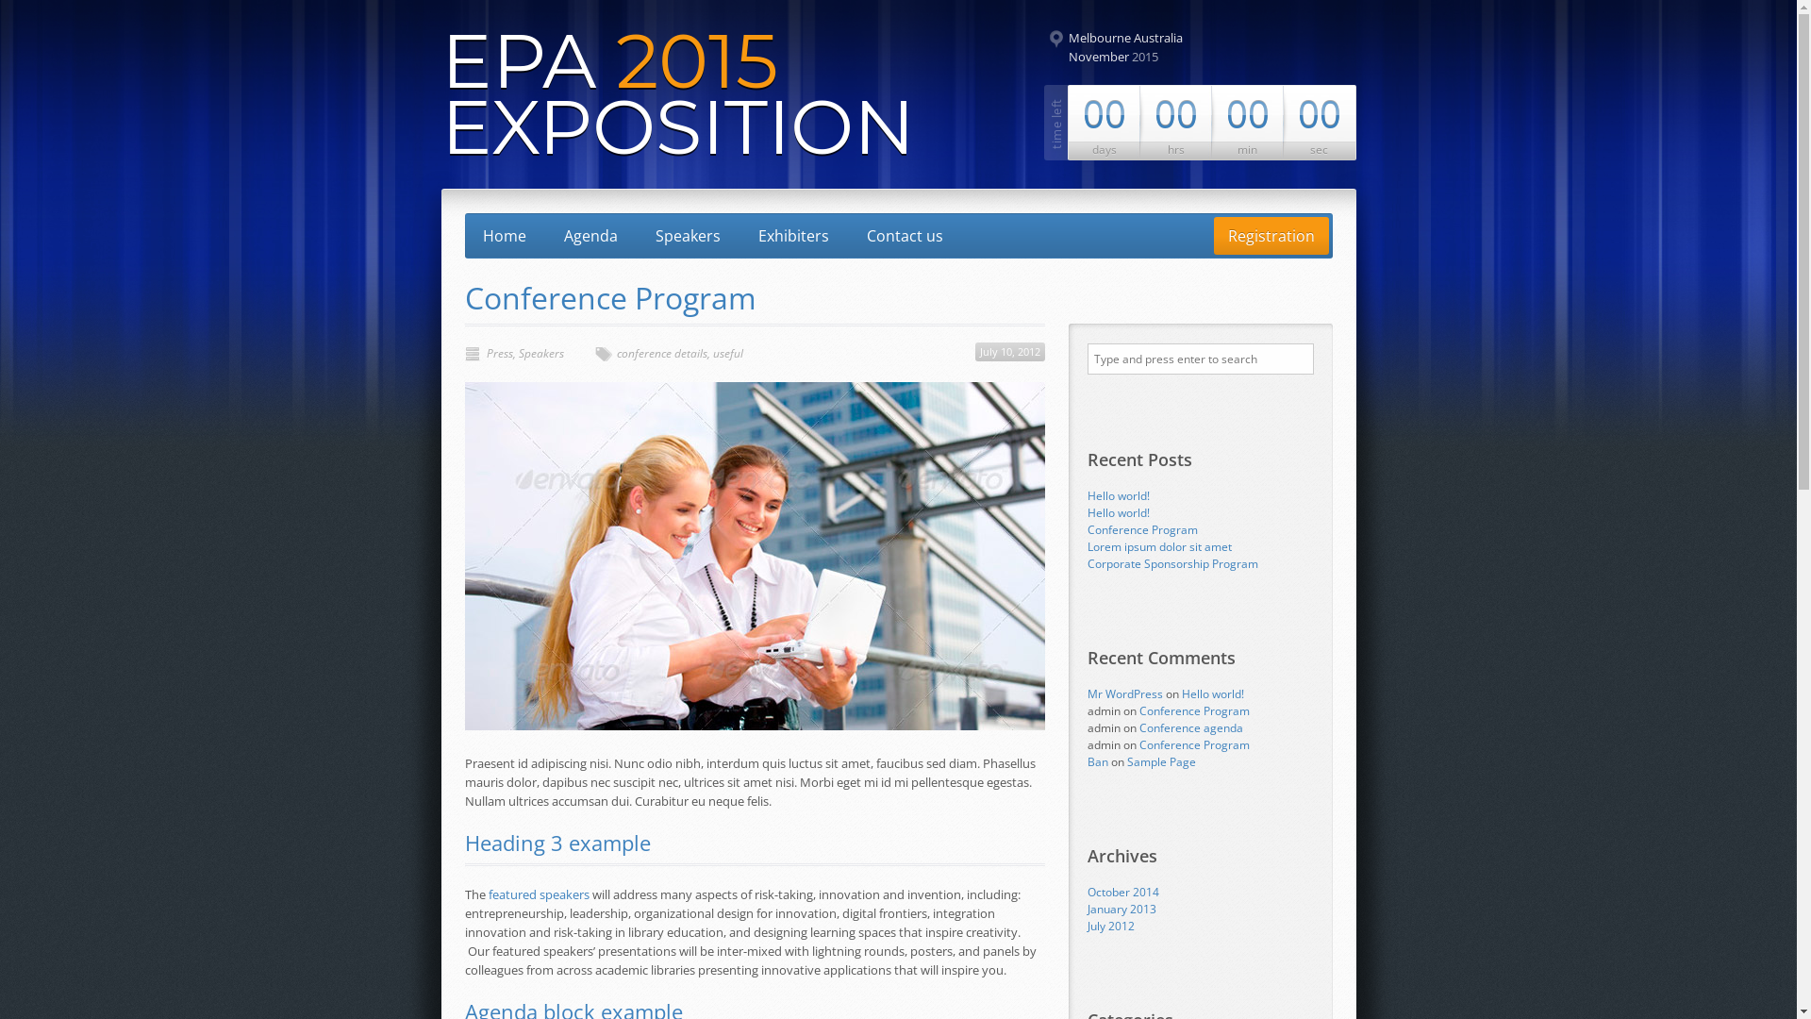  What do you see at coordinates (678, 93) in the screenshot?
I see `'EPA 2015` at bounding box center [678, 93].